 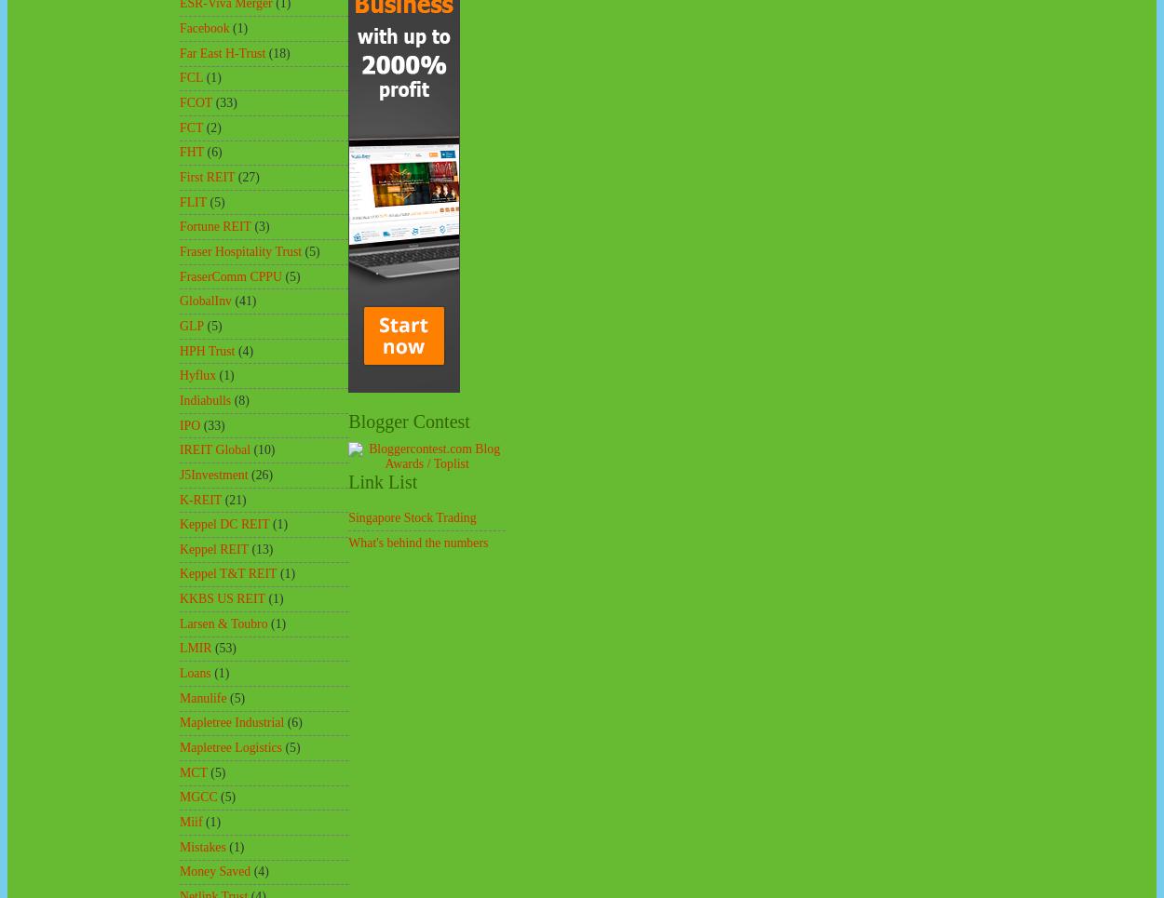 I want to click on 'Fraser Hospitality Trust', so click(x=240, y=250).